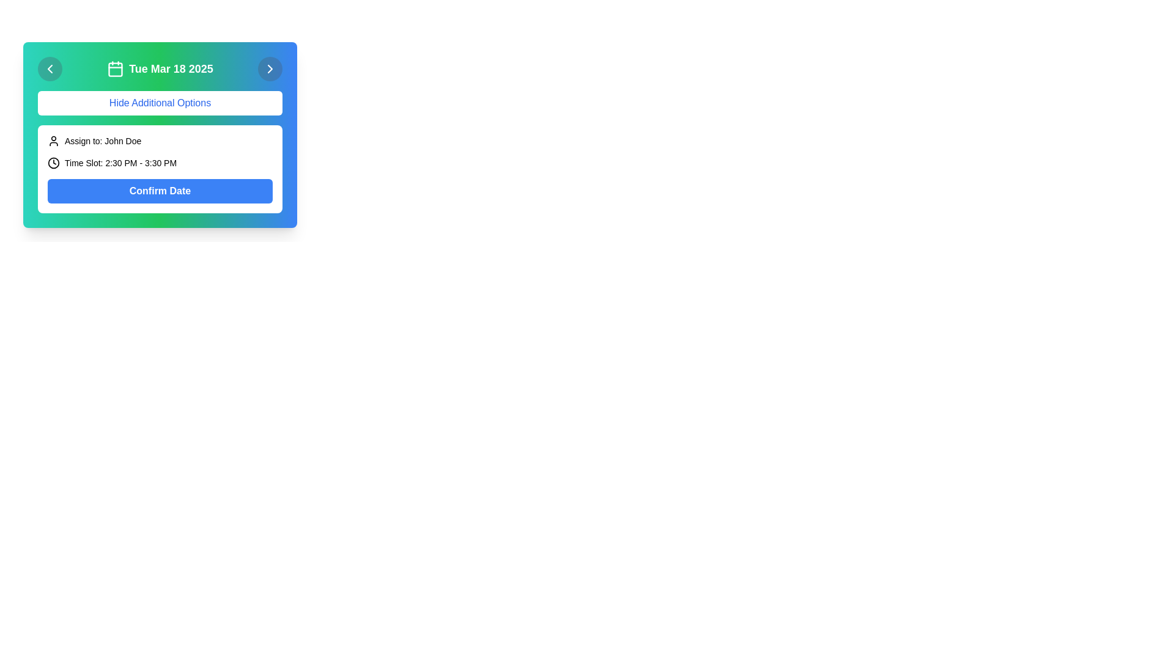 This screenshot has height=660, width=1174. I want to click on the small monochromatic SVG clock icon located at the leftmost part of the 'Time Slot: 2:30 PM - 3:30 PM' section, so click(53, 162).